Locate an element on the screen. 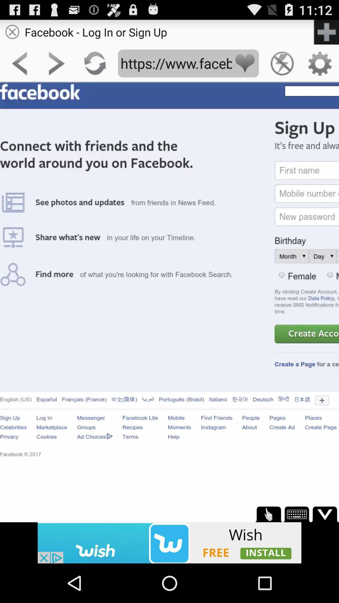 Image resolution: width=339 pixels, height=603 pixels. the close icon is located at coordinates (12, 34).